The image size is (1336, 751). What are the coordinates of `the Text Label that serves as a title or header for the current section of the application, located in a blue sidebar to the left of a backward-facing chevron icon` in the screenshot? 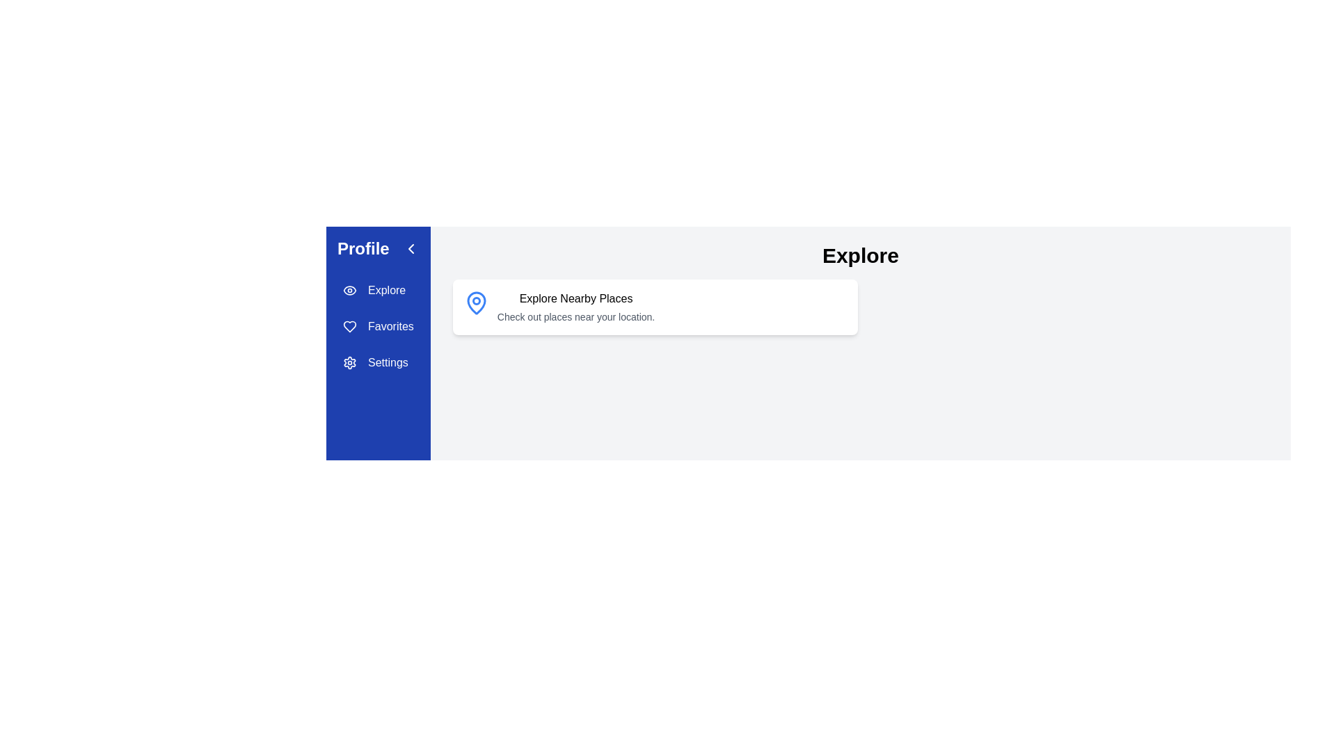 It's located at (363, 248).